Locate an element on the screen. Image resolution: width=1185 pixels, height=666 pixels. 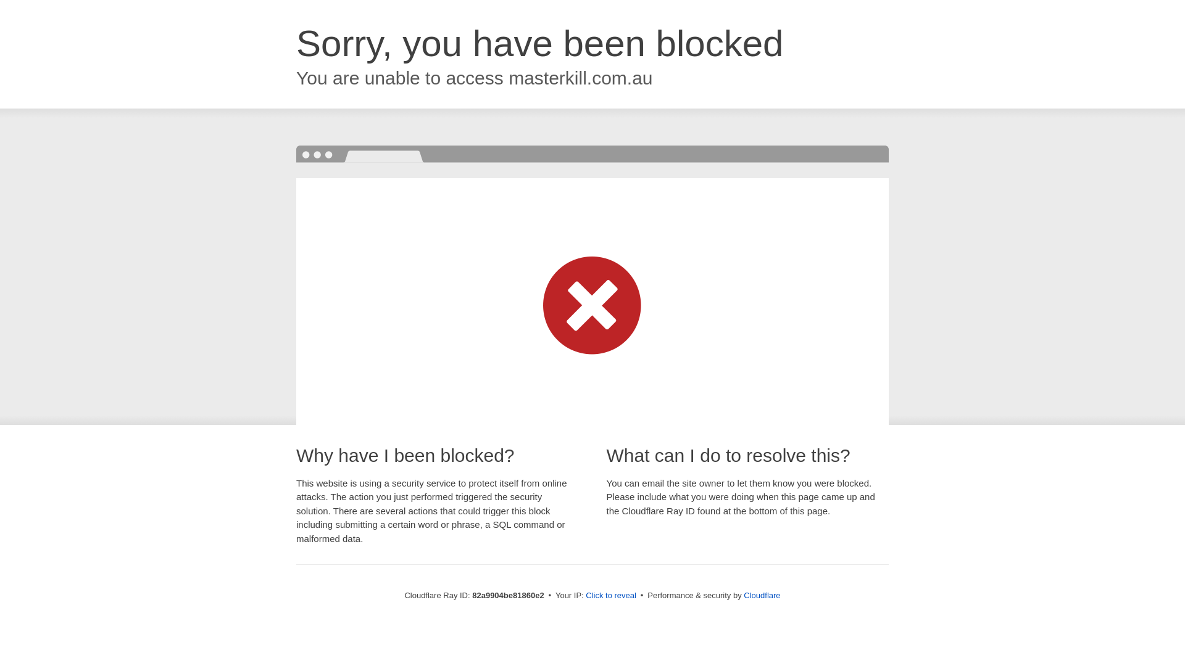
'Cloudflare' is located at coordinates (761, 594).